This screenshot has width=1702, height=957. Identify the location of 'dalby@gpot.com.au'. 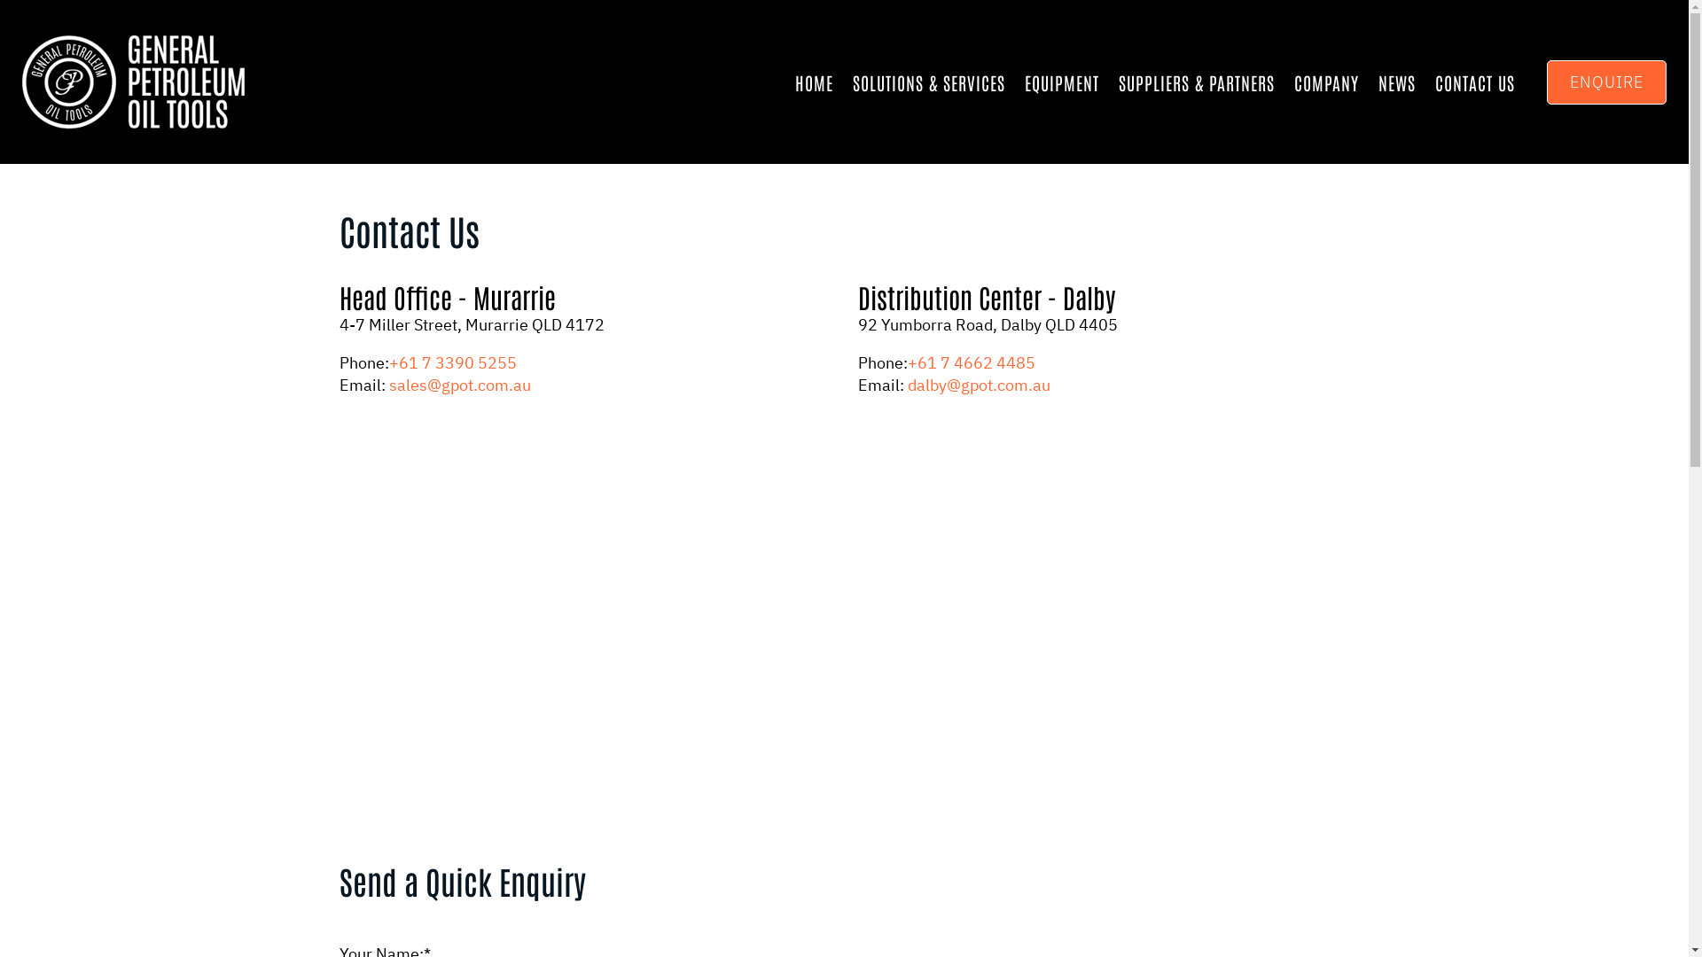
(978, 384).